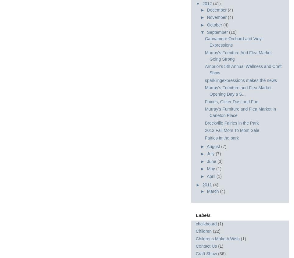  Describe the element at coordinates (212, 161) in the screenshot. I see `'June'` at that location.